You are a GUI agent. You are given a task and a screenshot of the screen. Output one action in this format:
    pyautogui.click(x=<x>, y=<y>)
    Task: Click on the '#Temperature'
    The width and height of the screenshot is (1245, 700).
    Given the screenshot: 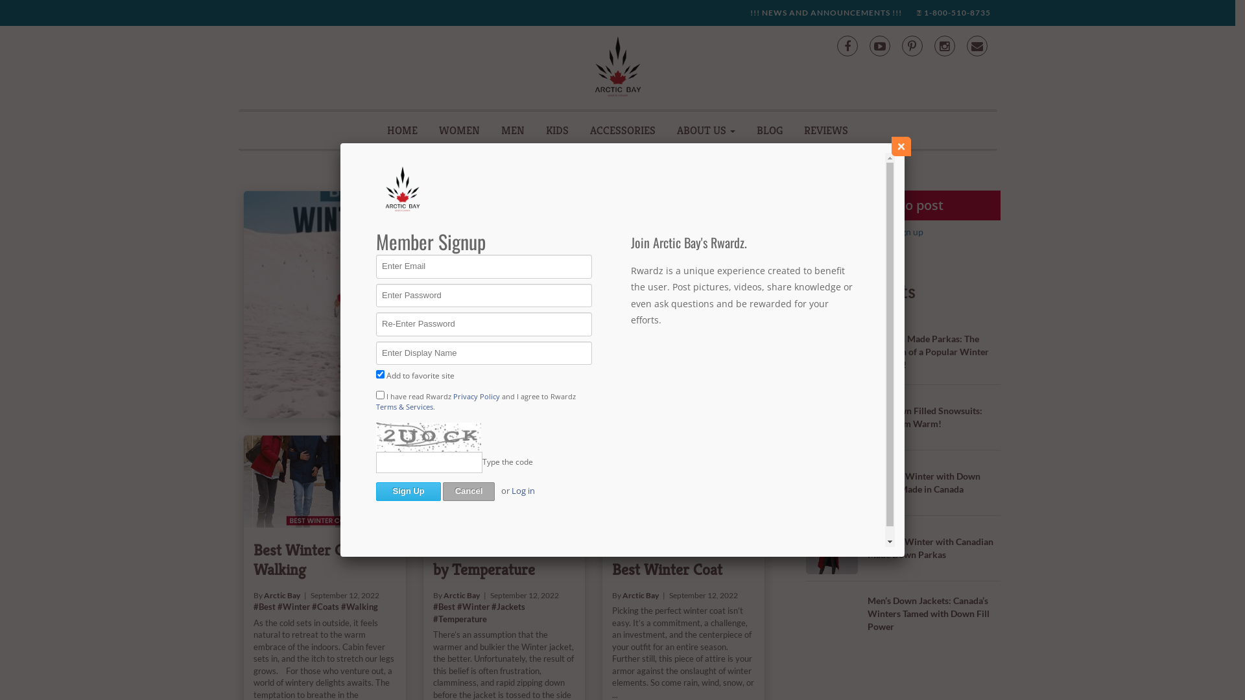 What is the action you would take?
    pyautogui.click(x=460, y=618)
    